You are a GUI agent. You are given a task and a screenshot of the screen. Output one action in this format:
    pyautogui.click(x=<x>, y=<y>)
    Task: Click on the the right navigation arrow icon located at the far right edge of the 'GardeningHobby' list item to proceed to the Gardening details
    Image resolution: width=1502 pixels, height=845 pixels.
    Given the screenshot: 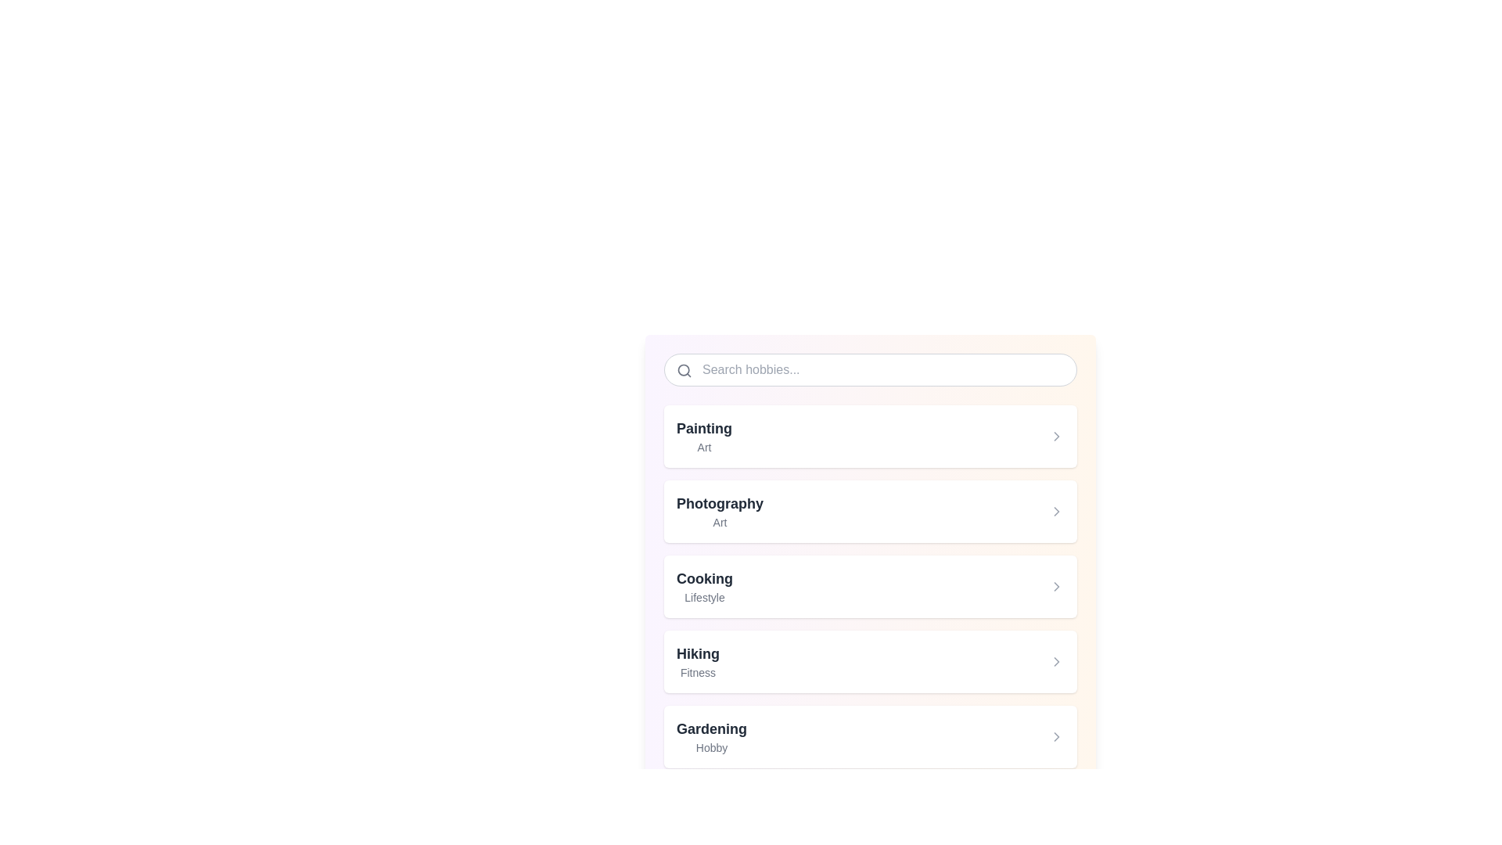 What is the action you would take?
    pyautogui.click(x=1056, y=736)
    